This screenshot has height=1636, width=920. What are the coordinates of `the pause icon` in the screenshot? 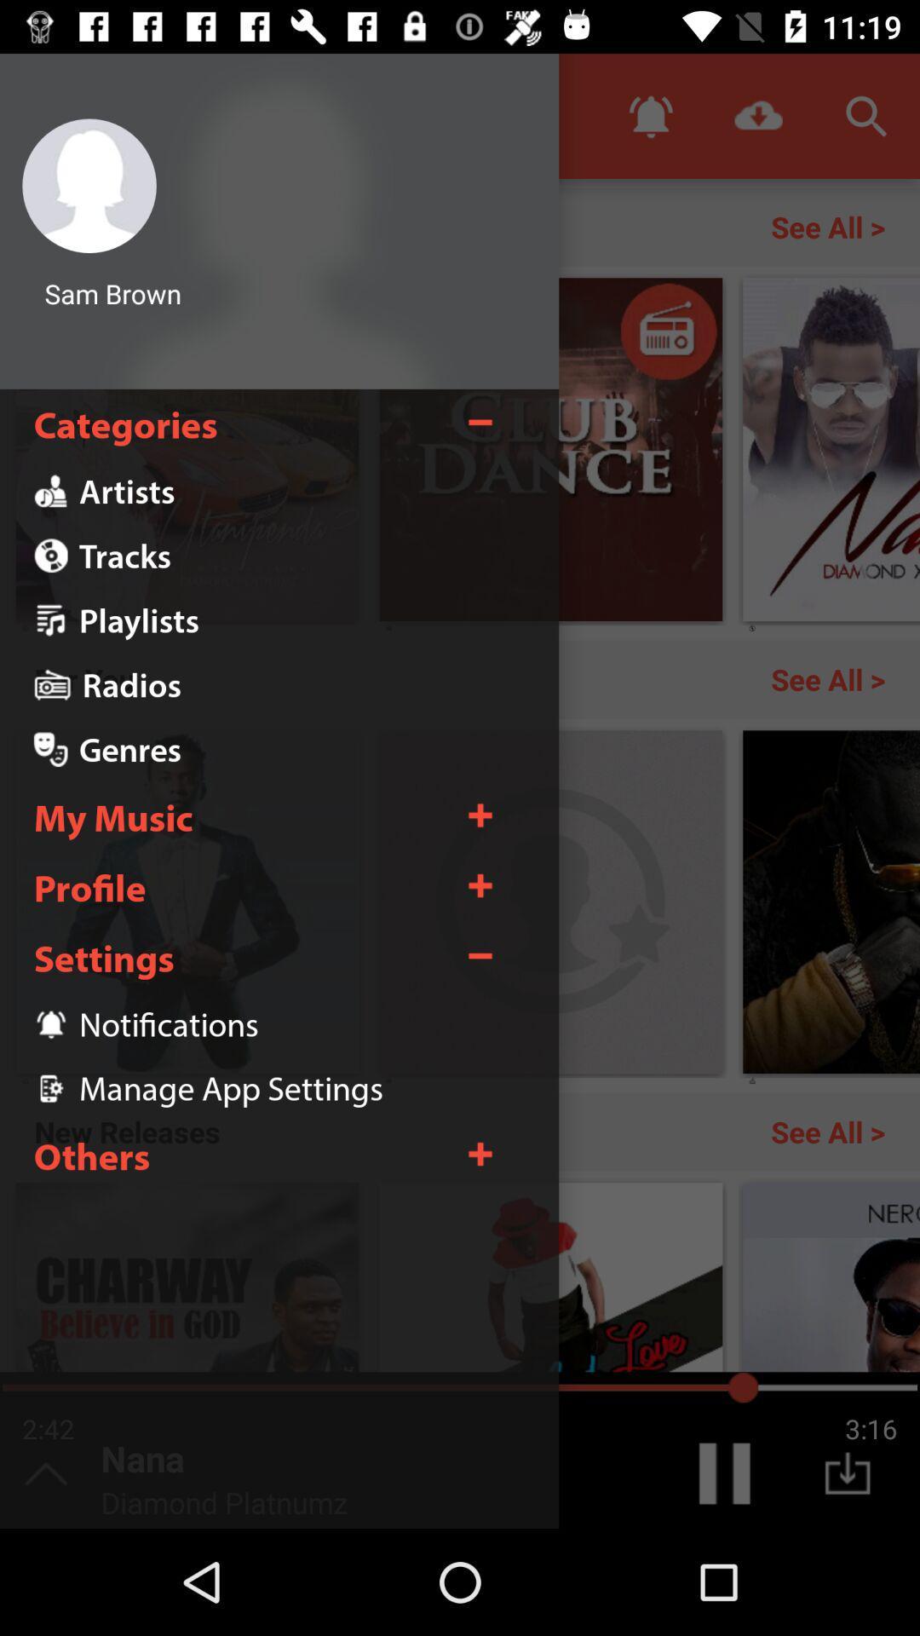 It's located at (727, 1477).